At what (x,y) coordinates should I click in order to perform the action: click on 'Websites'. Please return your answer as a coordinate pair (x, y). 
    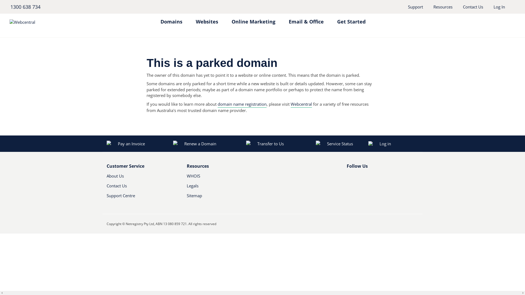
    Looking at the image, I should click on (207, 19).